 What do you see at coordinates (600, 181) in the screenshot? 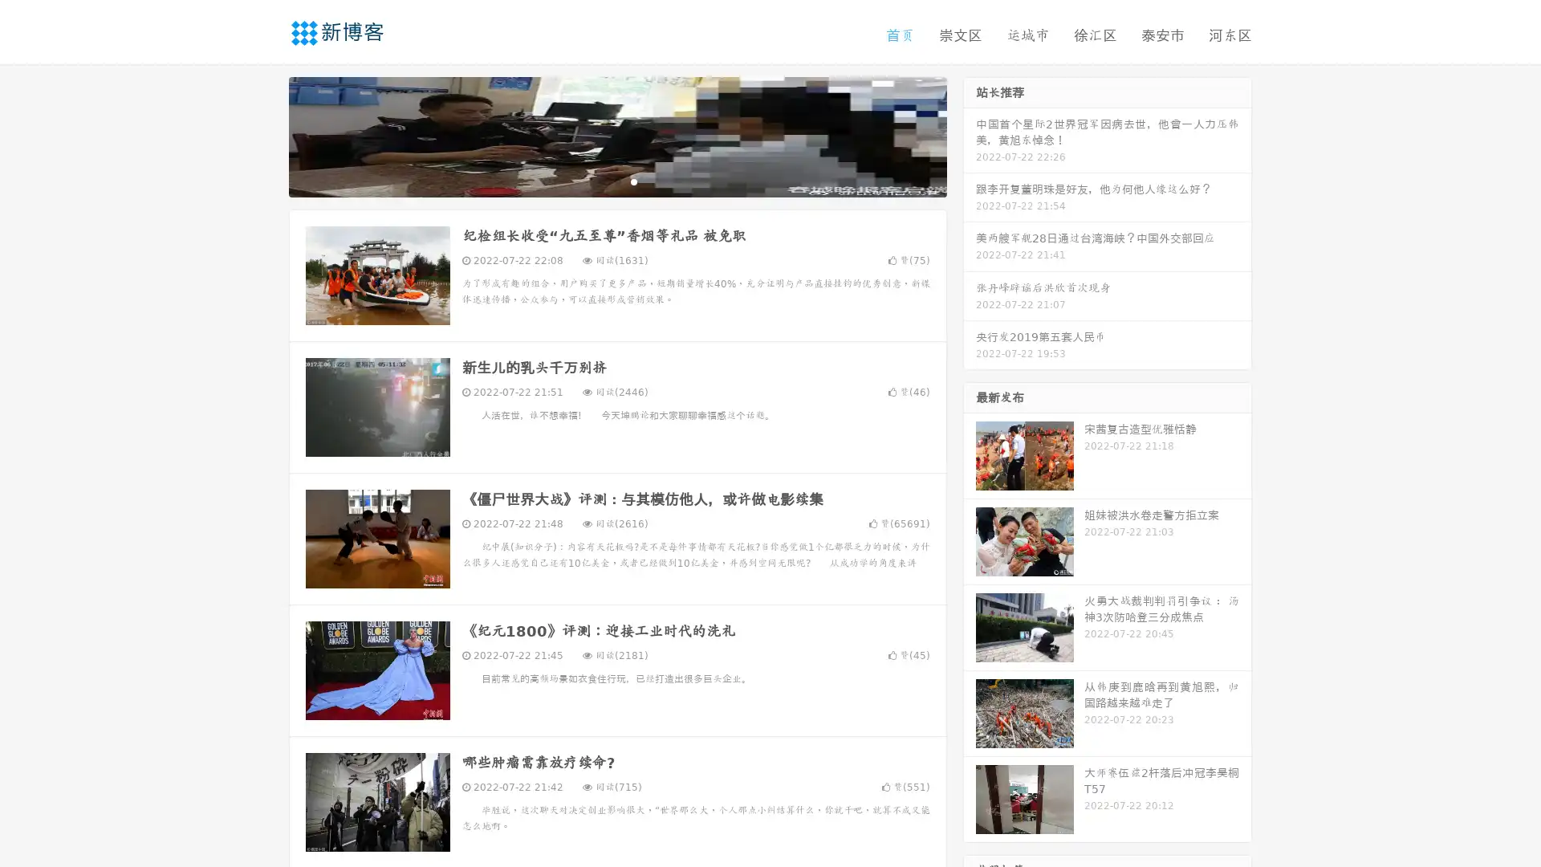
I see `Go to slide 1` at bounding box center [600, 181].